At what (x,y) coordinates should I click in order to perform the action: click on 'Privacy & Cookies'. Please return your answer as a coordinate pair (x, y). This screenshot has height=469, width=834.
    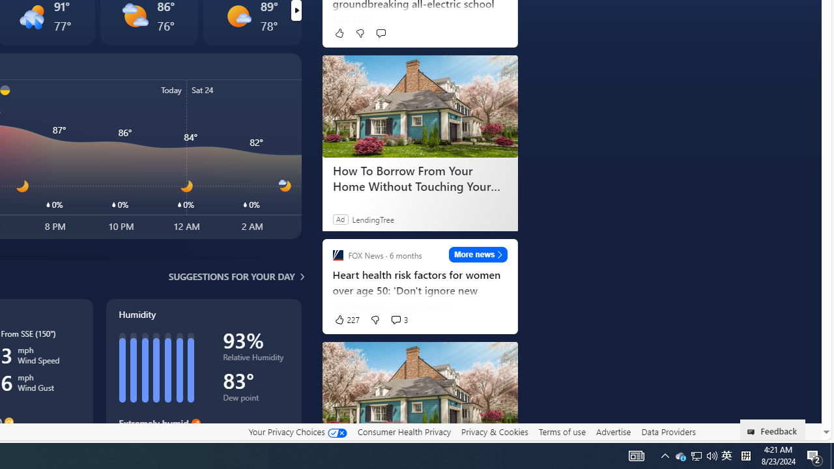
    Looking at the image, I should click on (494, 431).